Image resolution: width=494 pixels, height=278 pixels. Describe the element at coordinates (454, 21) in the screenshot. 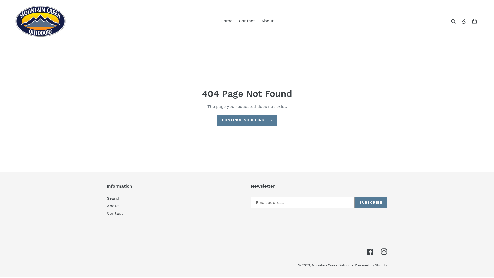

I see `'Search'` at that location.